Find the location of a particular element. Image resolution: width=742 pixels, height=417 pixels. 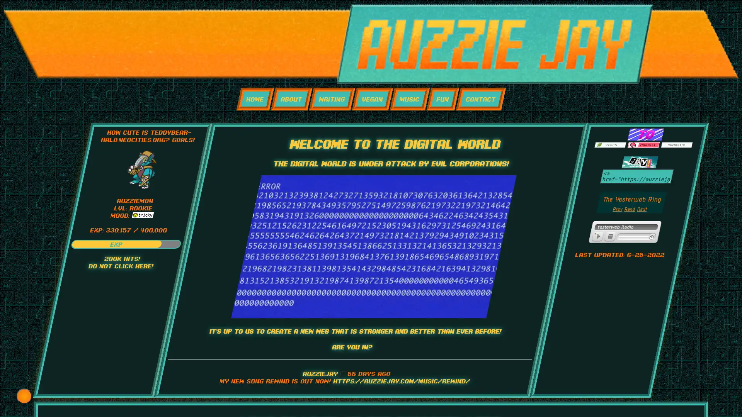

WRITING is located at coordinates (332, 98).